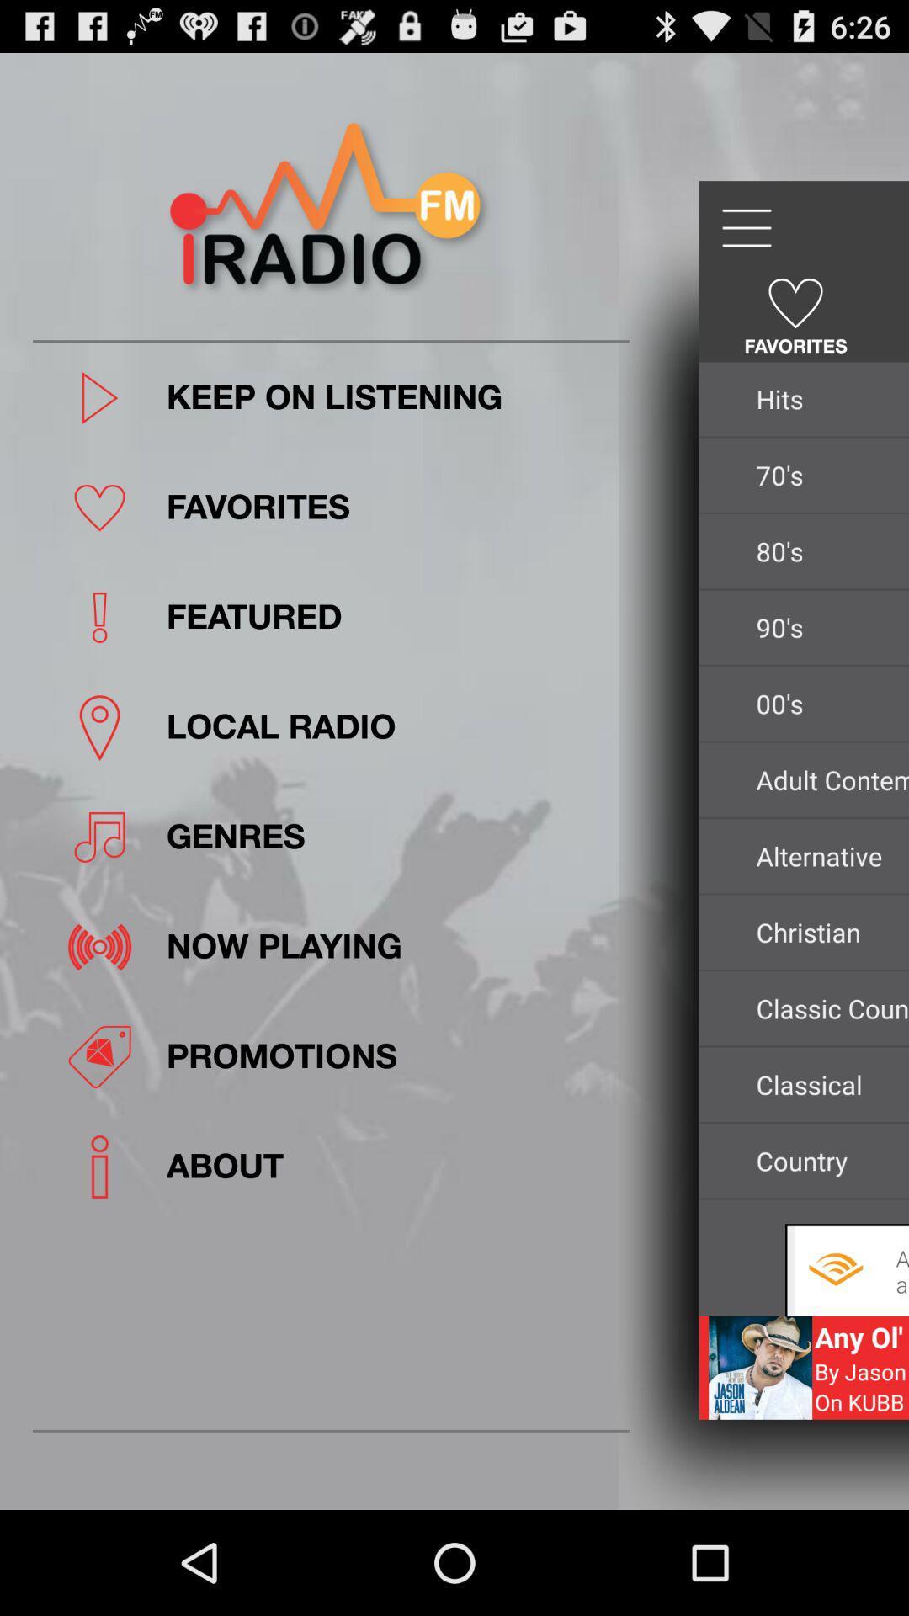 This screenshot has height=1616, width=909. I want to click on the icon to the right of the now playing, so click(827, 931).